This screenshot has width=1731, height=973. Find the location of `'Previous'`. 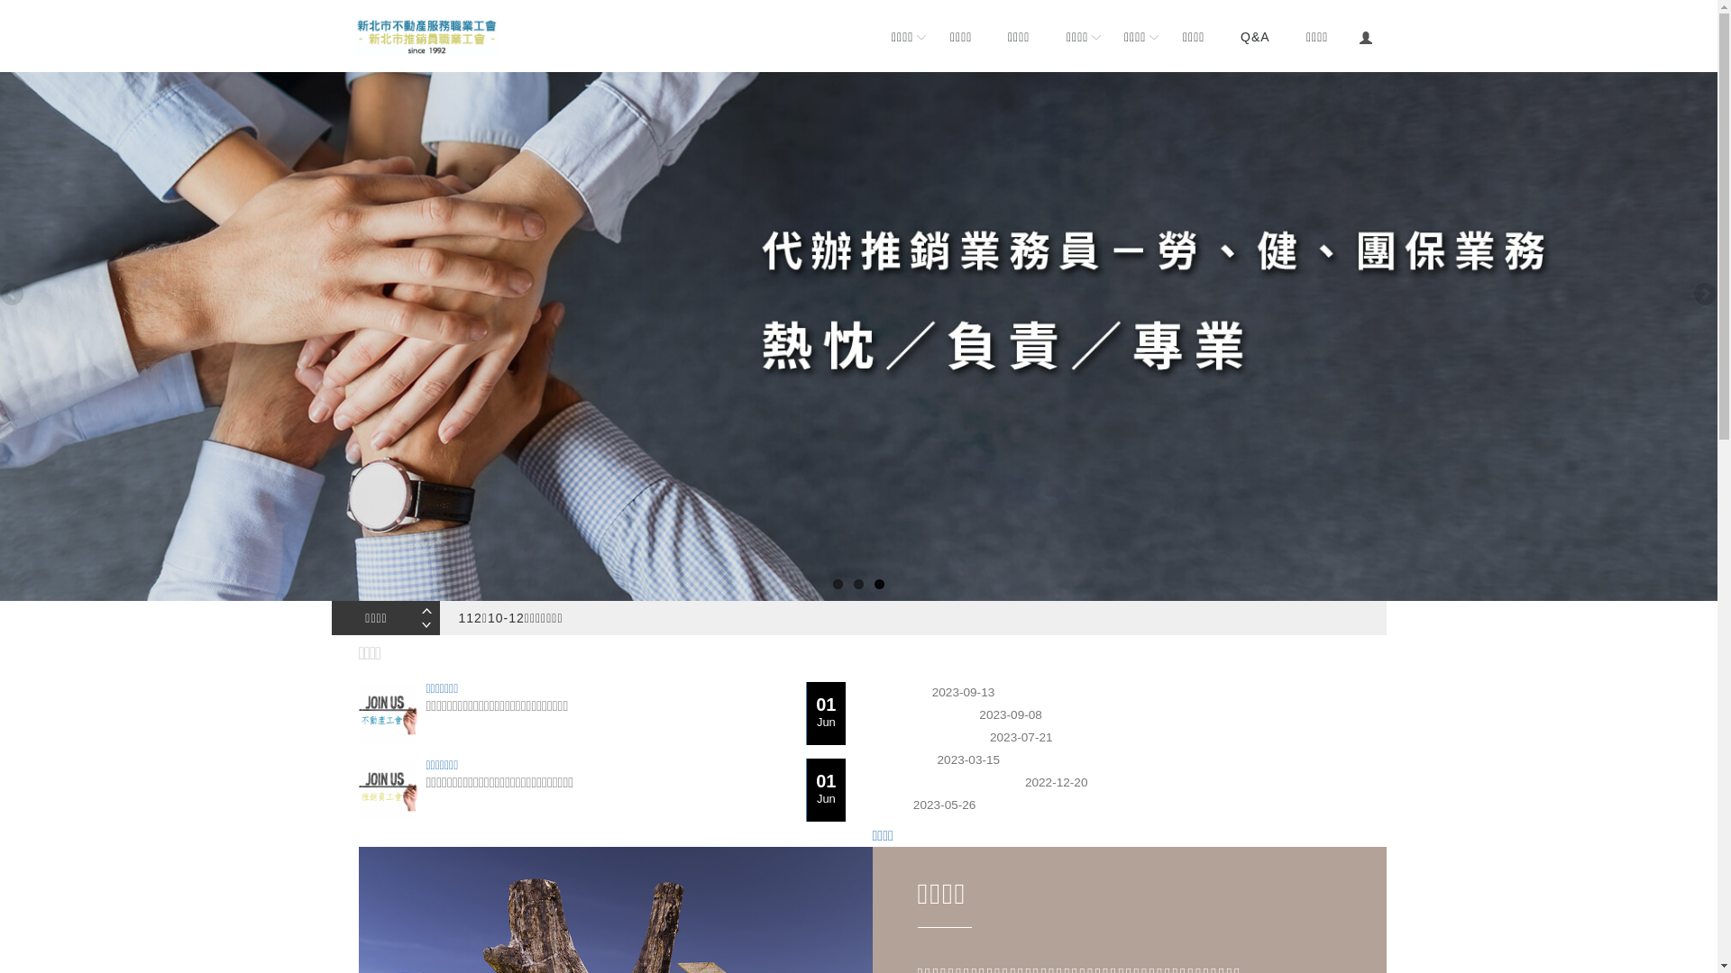

'Previous' is located at coordinates (430, 609).